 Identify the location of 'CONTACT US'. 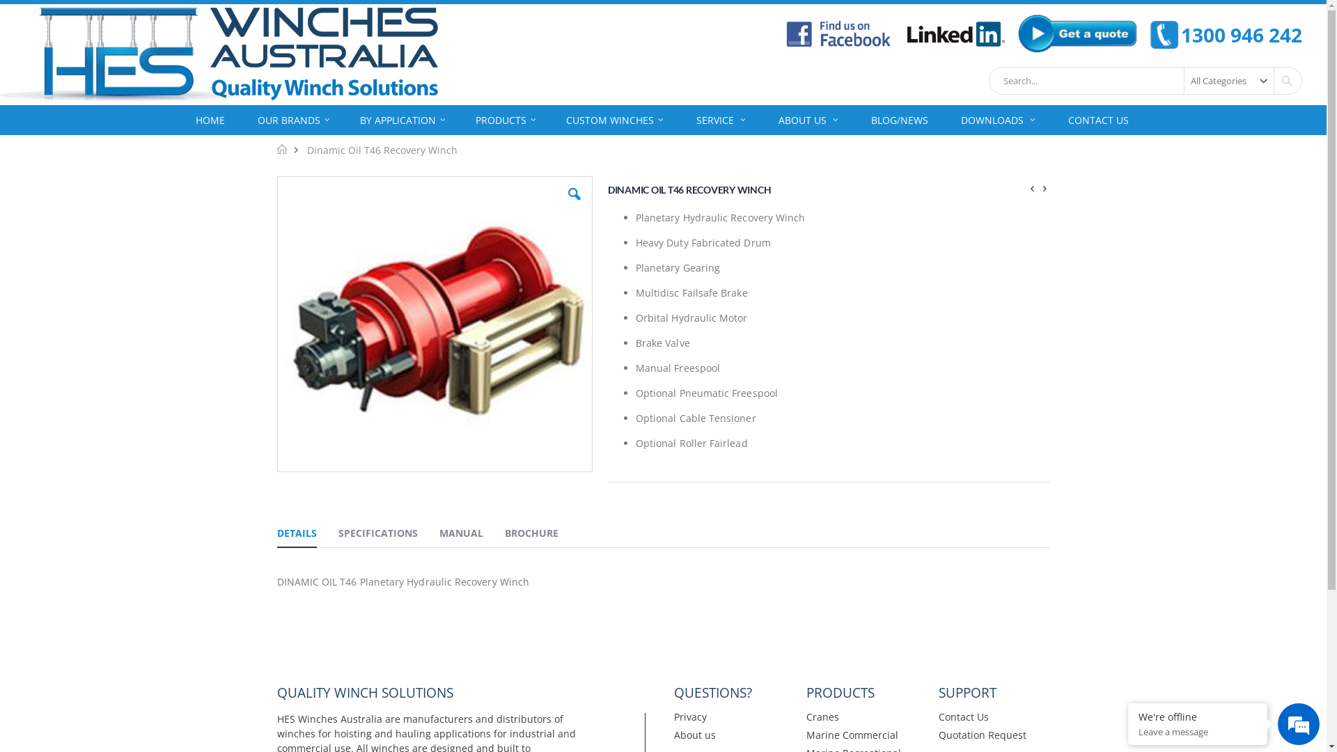
(1097, 119).